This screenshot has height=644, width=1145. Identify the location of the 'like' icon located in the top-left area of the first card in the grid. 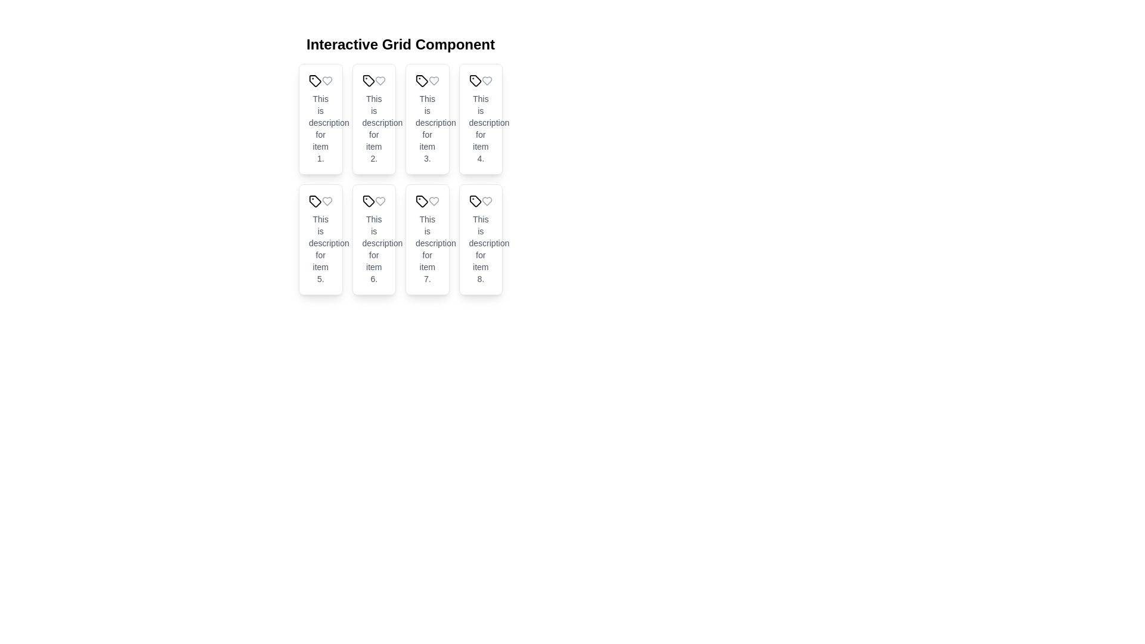
(327, 80).